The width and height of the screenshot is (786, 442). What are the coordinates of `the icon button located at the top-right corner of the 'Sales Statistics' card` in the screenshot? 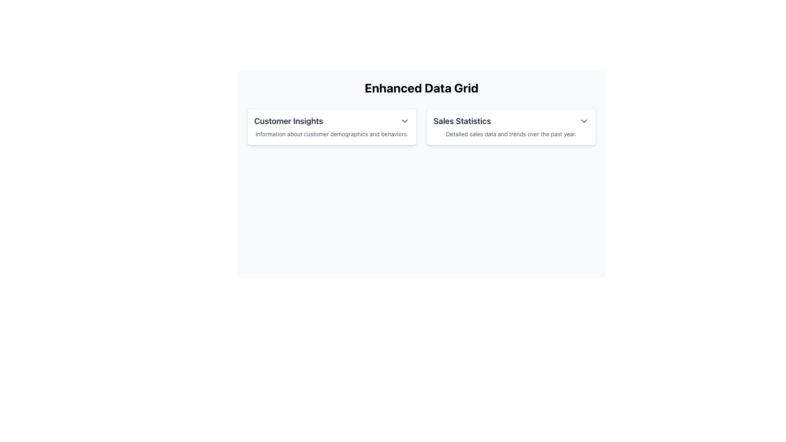 It's located at (583, 121).